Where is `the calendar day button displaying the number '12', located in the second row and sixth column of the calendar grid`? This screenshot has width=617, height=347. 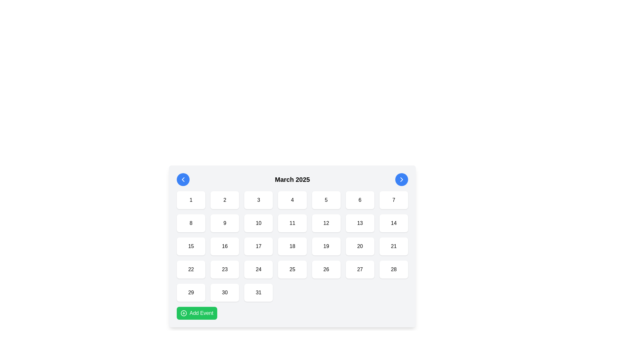
the calendar day button displaying the number '12', located in the second row and sixth column of the calendar grid is located at coordinates (326, 223).